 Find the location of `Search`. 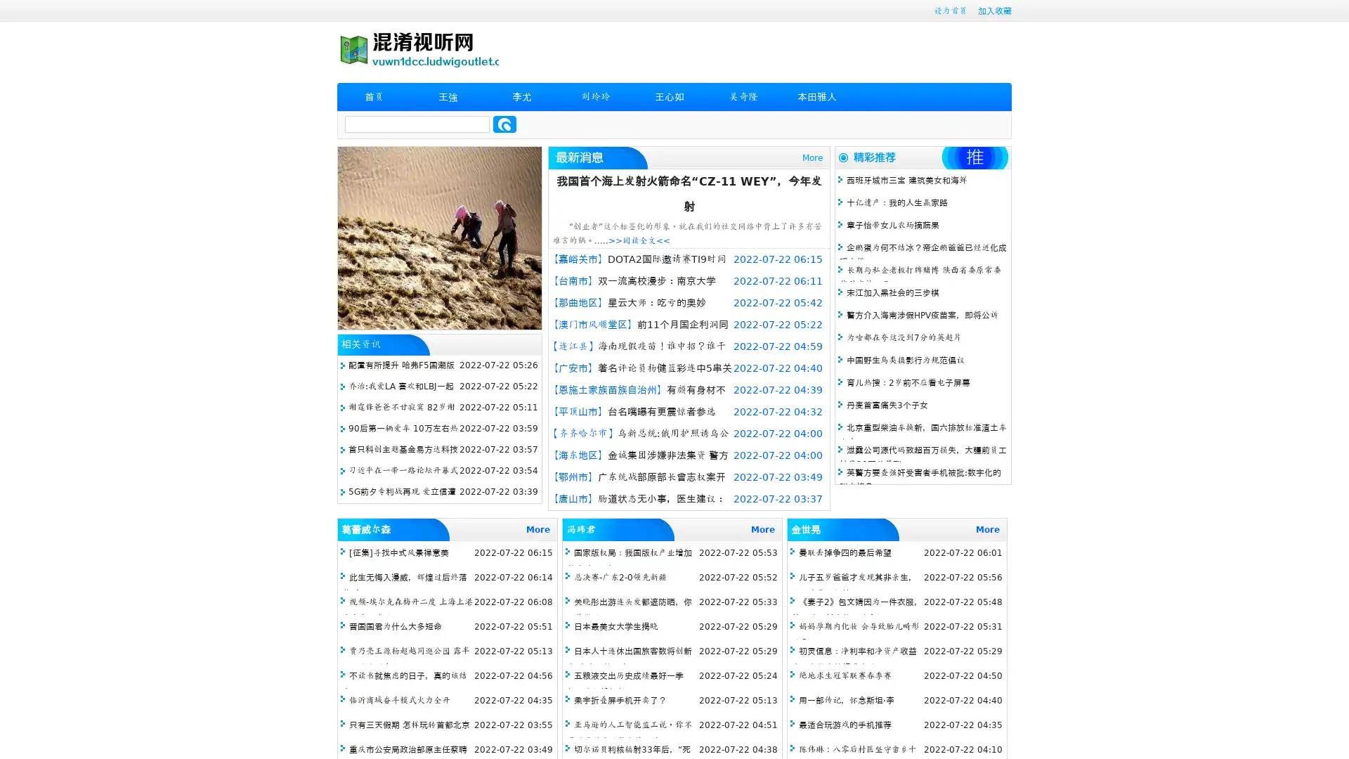

Search is located at coordinates (504, 124).